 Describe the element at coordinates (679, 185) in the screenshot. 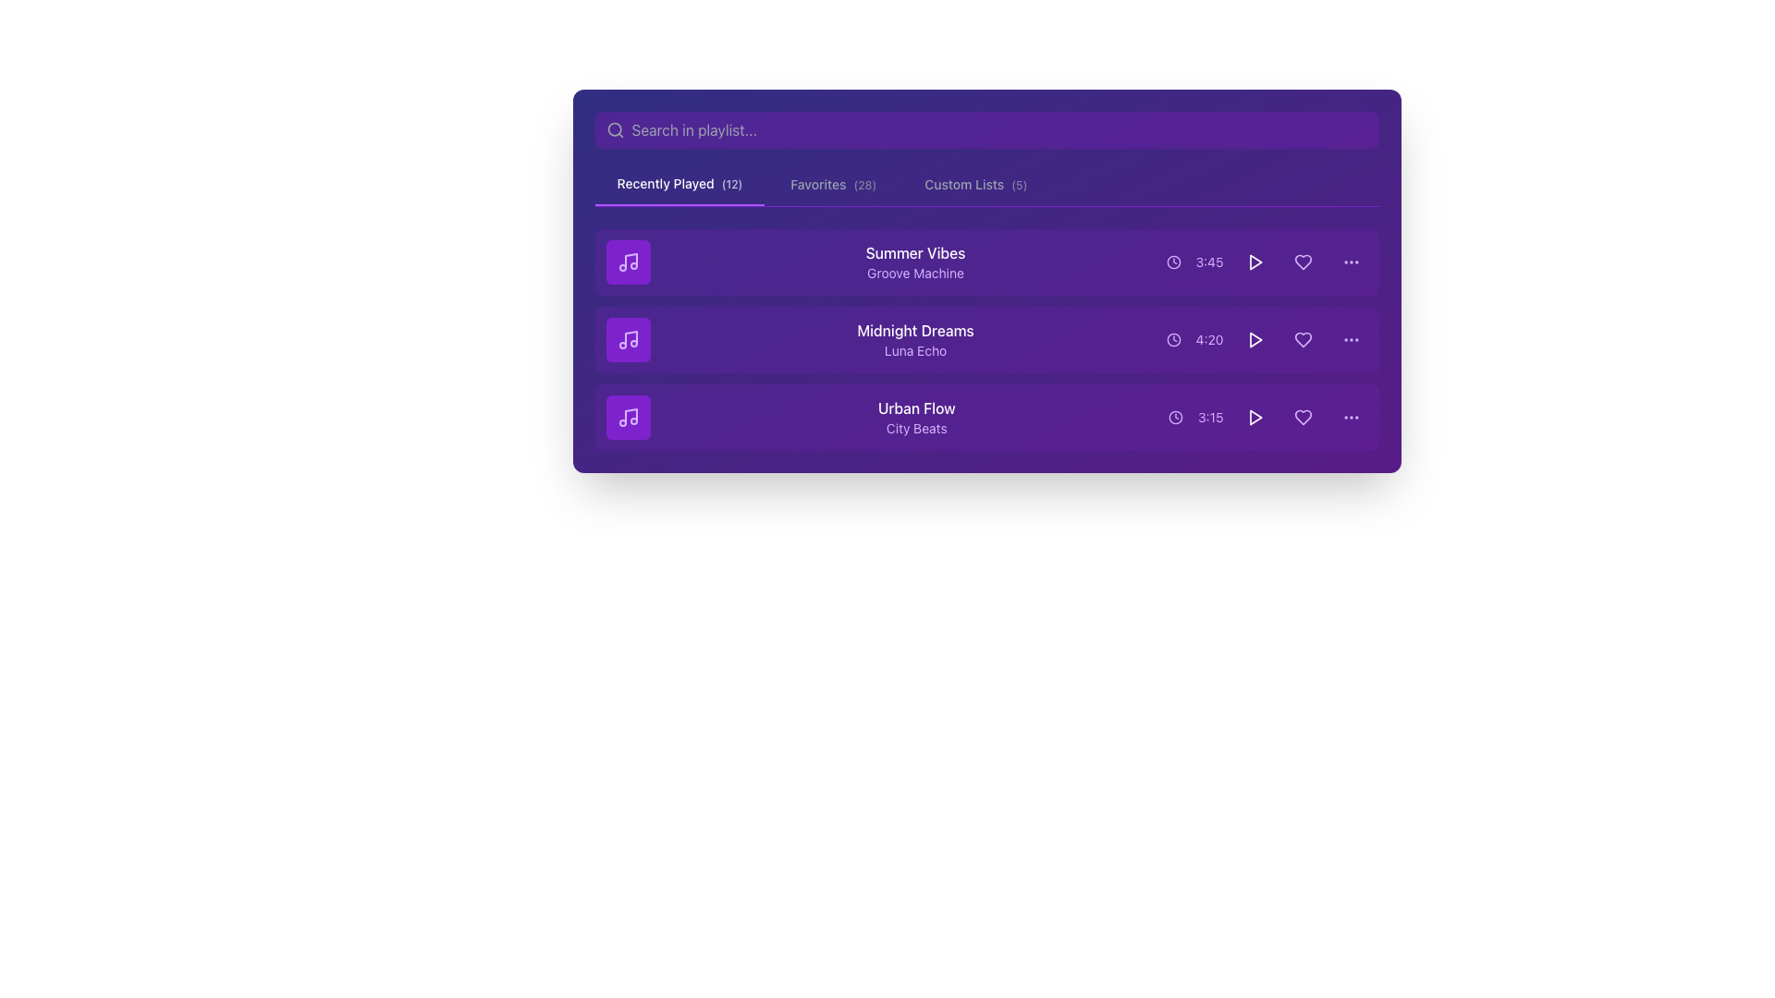

I see `the 'Recently Played (12)' tab, which is styled with bold white text on a purple background and has a bottom border indicating its active state` at that location.